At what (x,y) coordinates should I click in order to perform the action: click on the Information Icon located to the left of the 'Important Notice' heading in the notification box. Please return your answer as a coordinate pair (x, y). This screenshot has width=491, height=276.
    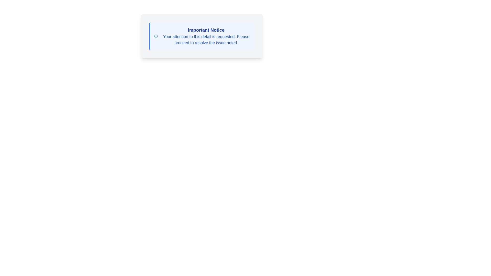
    Looking at the image, I should click on (155, 36).